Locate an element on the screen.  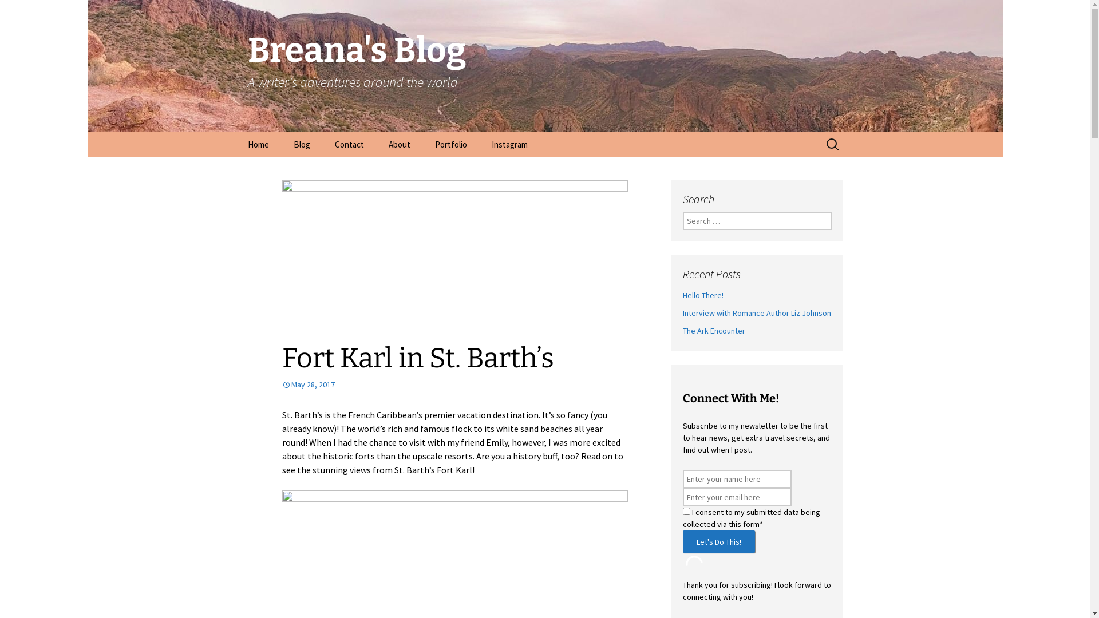
'Search' is located at coordinates (25, 11).